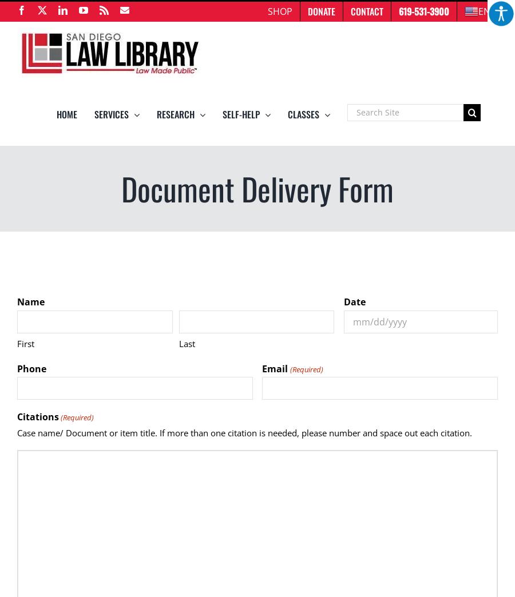  Describe the element at coordinates (148, 188) in the screenshot. I see `'Borrowers Program'` at that location.